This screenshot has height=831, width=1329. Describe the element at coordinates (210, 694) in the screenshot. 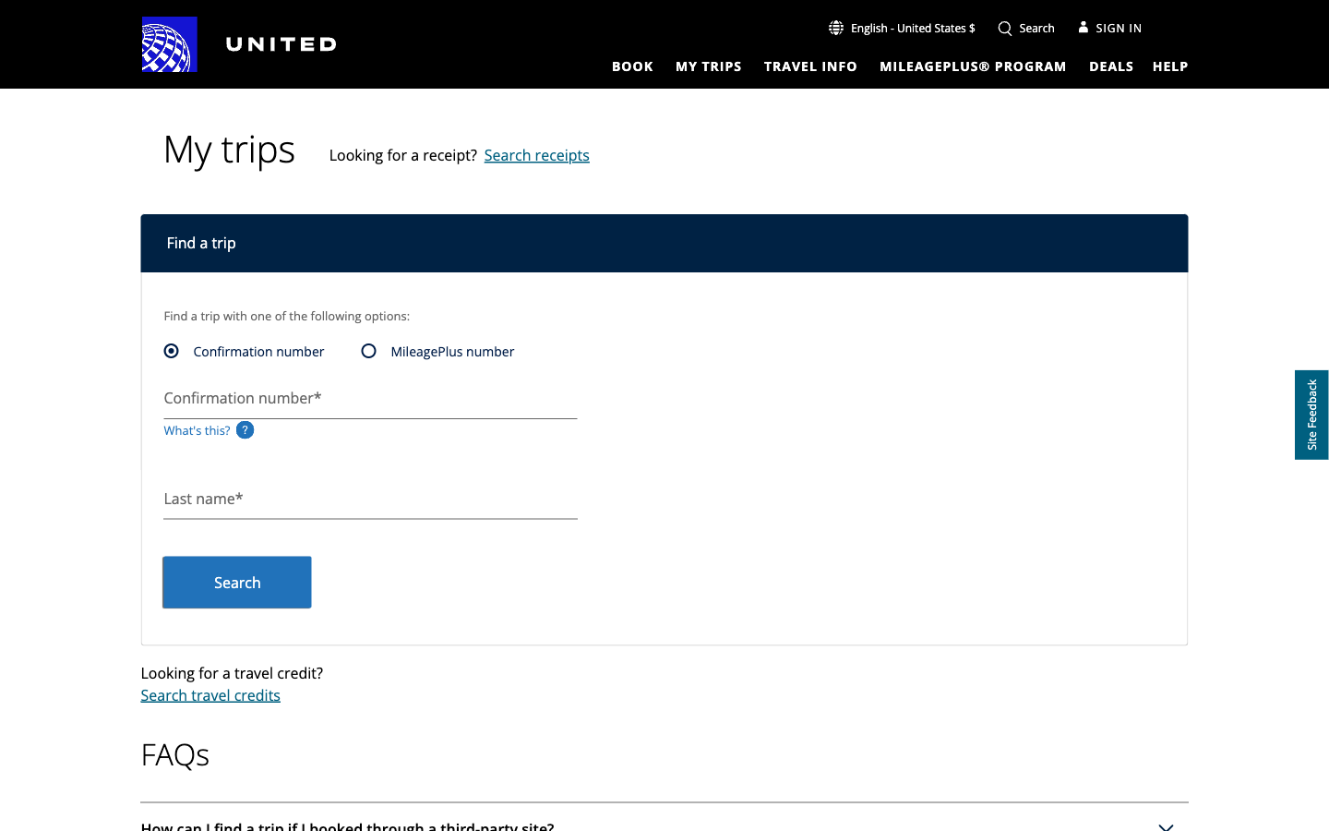

I see `search travel credits` at that location.